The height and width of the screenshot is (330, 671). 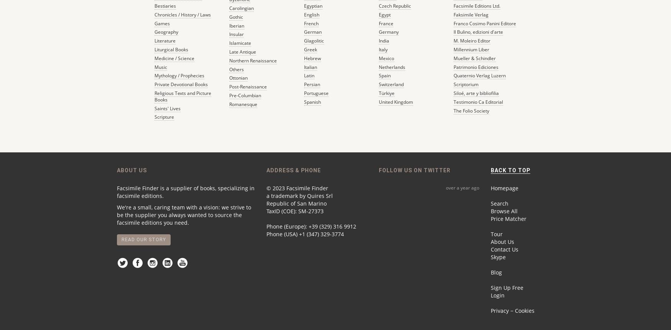 What do you see at coordinates (166, 108) in the screenshot?
I see `'Saints' Lives'` at bounding box center [166, 108].